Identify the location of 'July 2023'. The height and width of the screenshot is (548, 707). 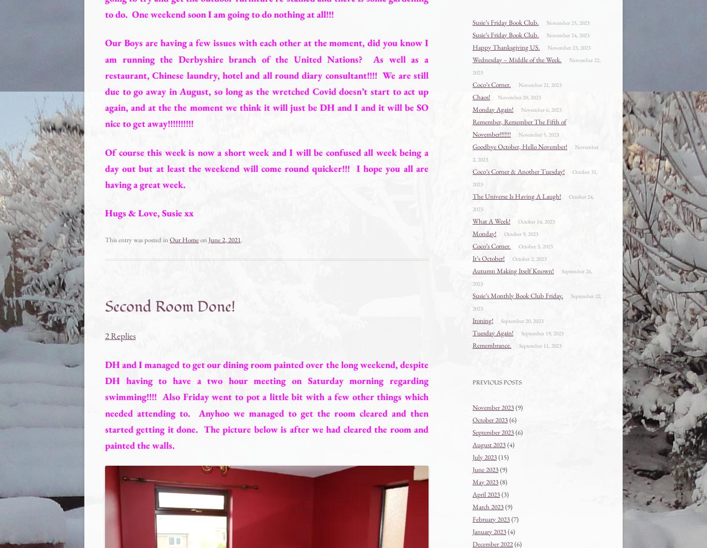
(473, 456).